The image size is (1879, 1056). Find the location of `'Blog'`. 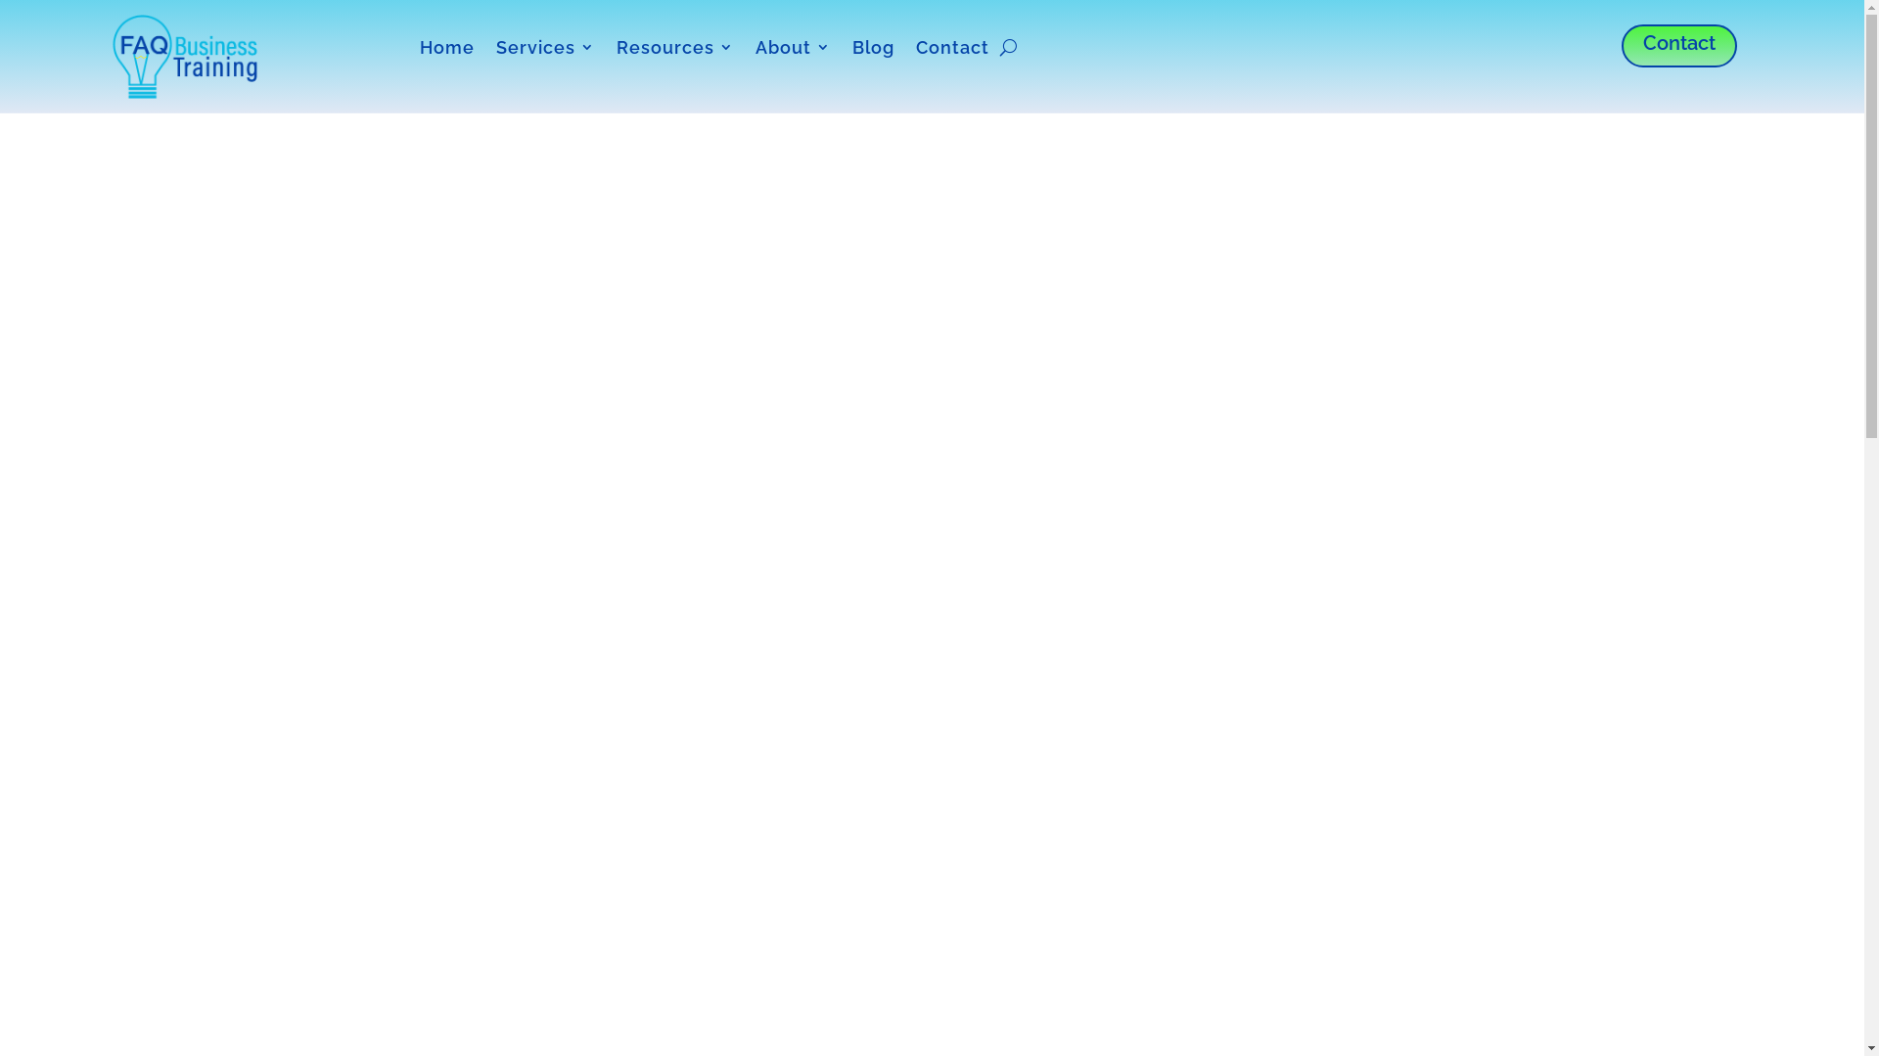

'Blog' is located at coordinates (872, 50).